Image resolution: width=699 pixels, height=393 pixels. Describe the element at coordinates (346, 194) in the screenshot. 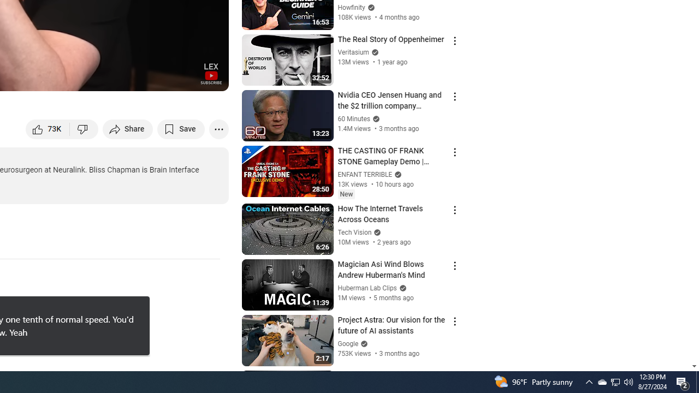

I see `'New'` at that location.